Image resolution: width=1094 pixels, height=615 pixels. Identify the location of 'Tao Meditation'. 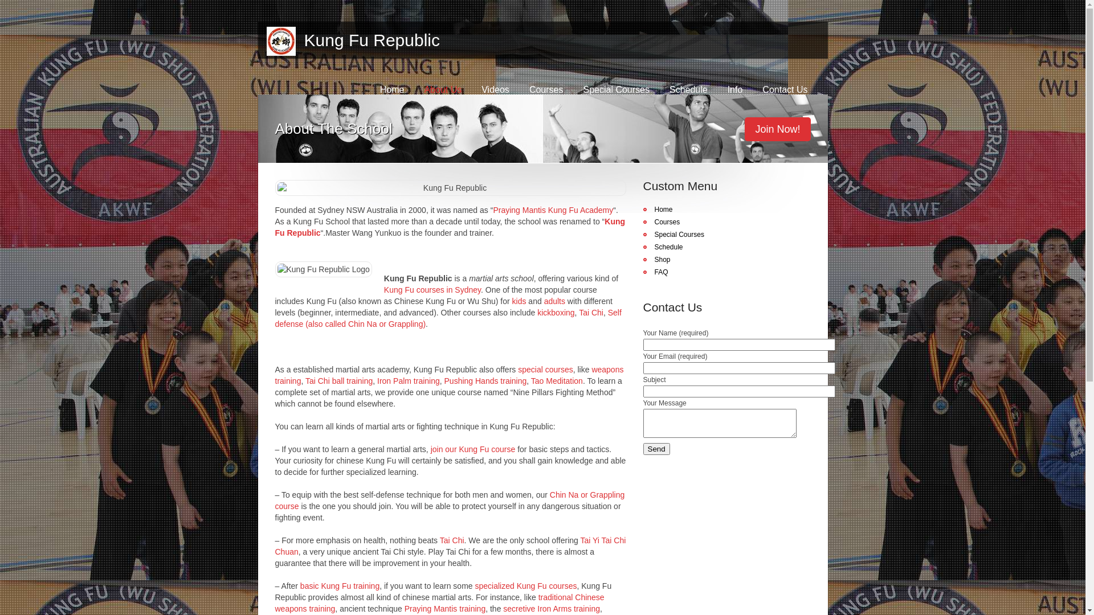
(557, 380).